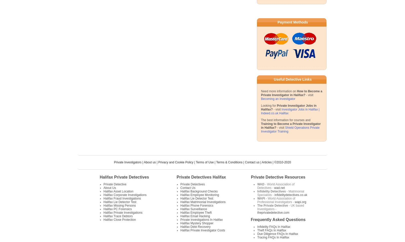 The width and height of the screenshot is (405, 242). I want to click on '|
©2010-2020', so click(281, 162).